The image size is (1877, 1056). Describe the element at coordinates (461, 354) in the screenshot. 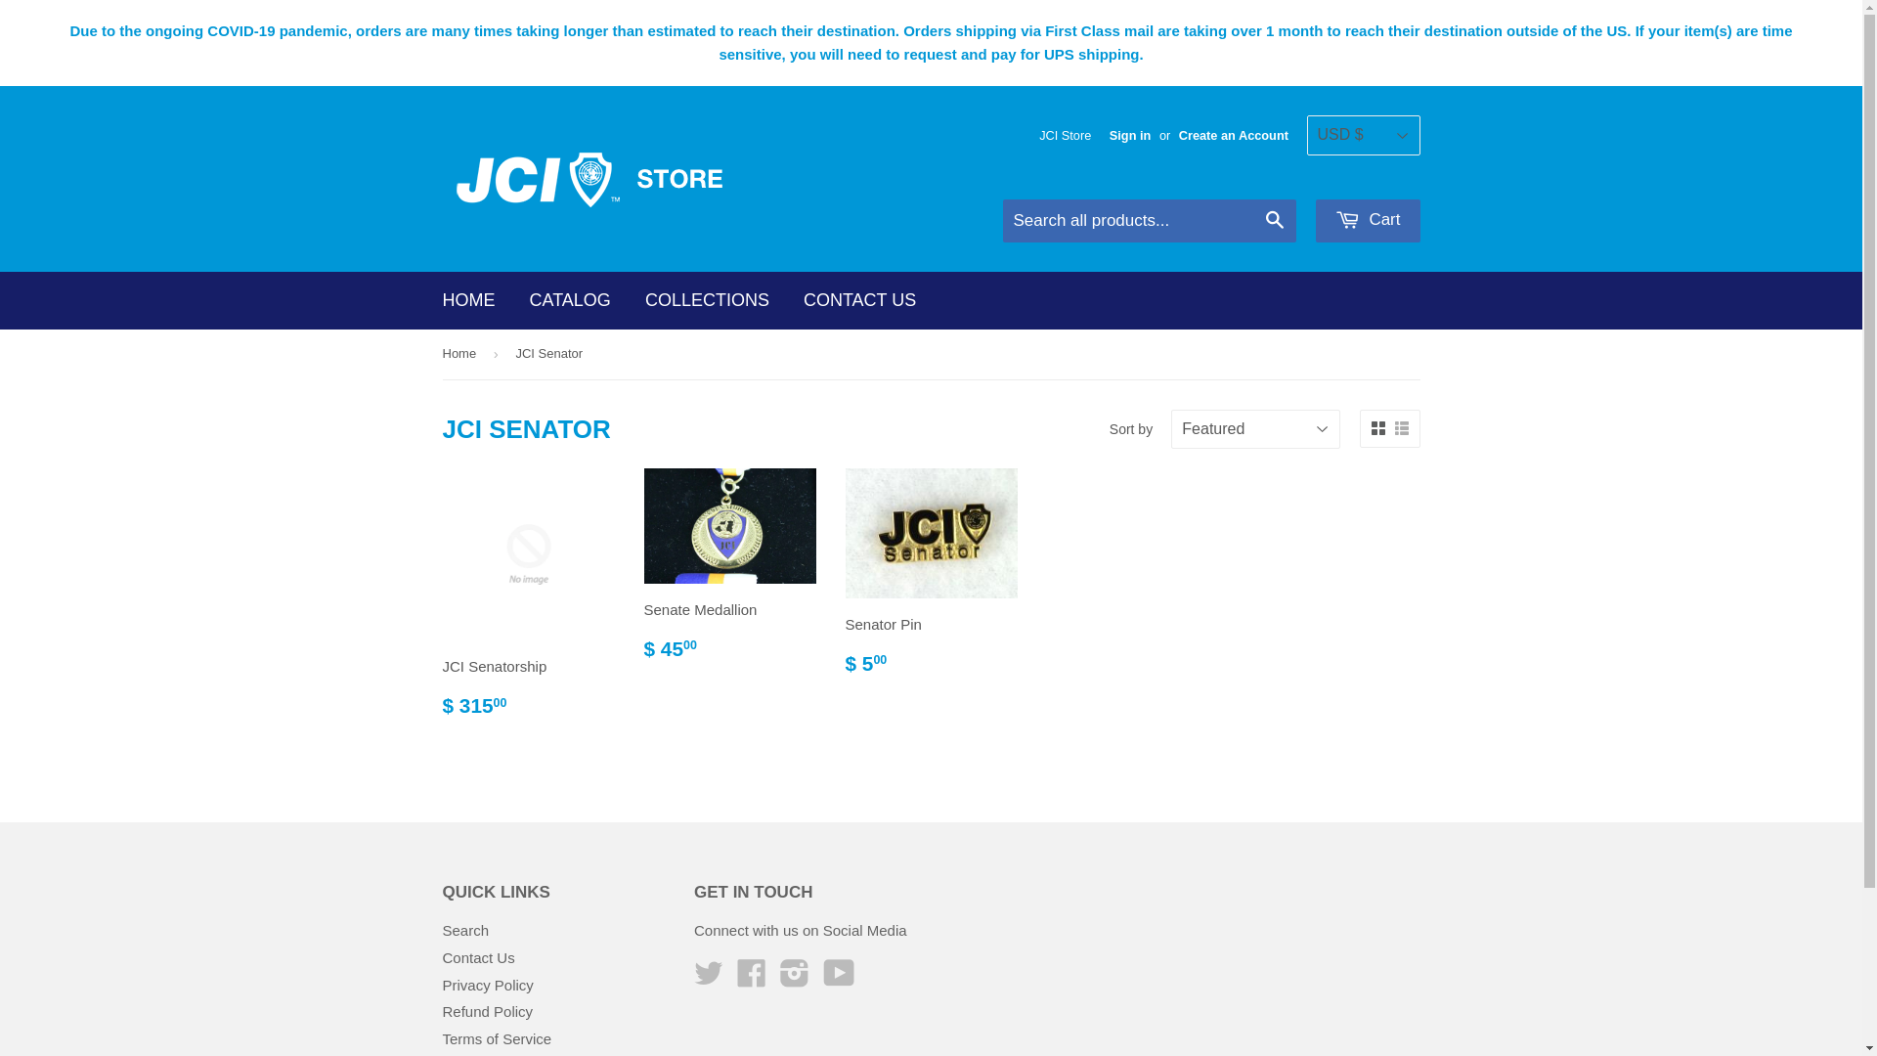

I see `'Home'` at that location.